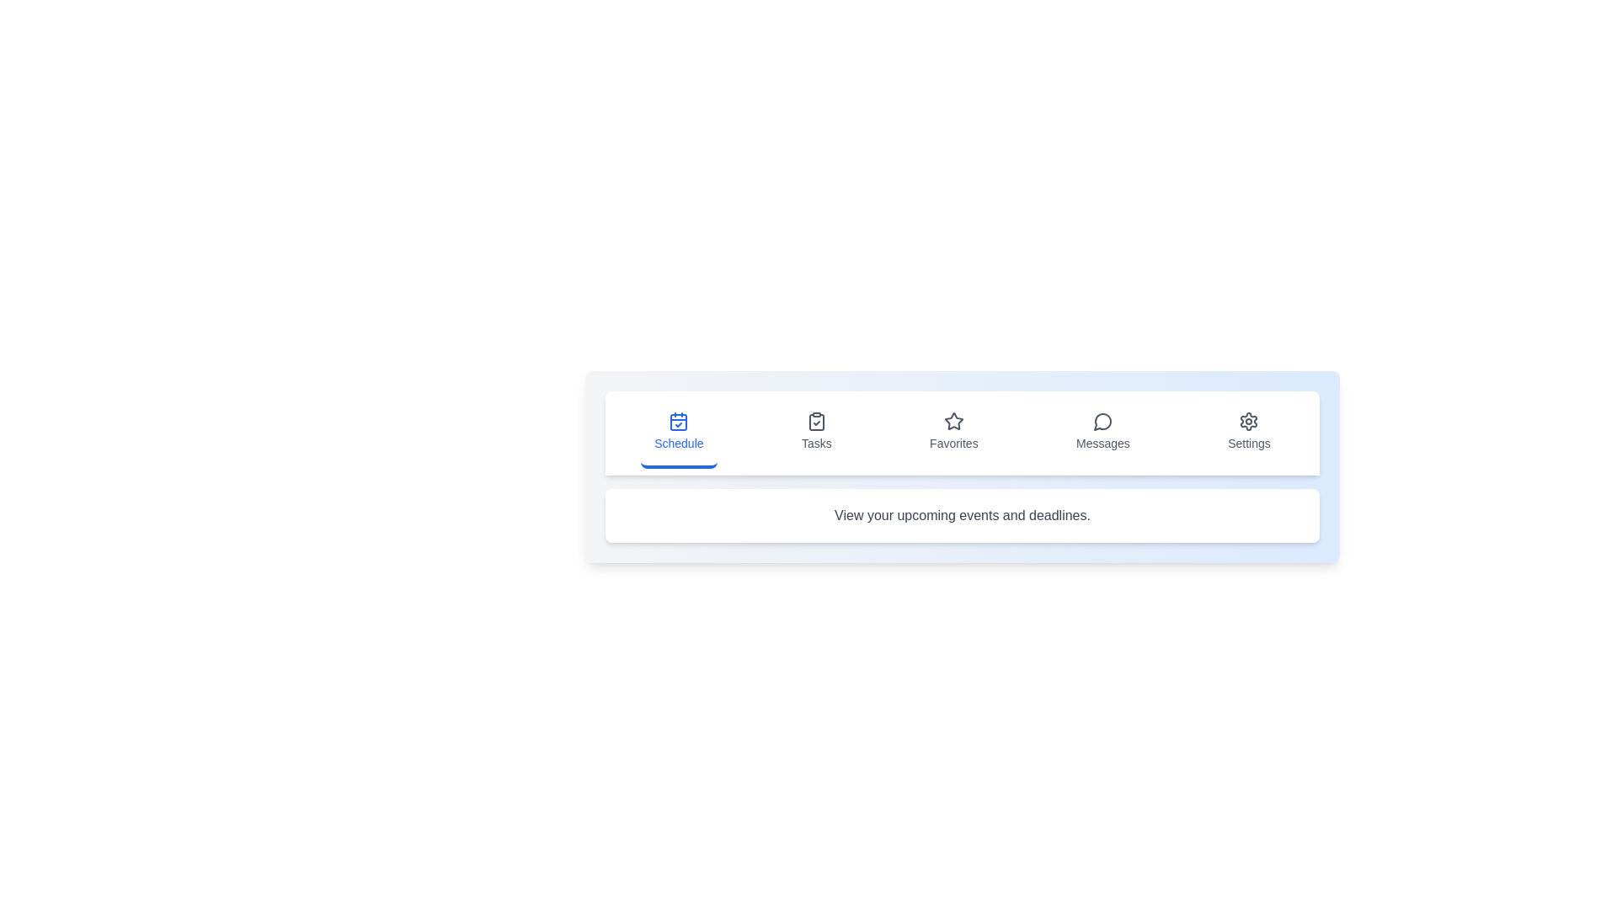  Describe the element at coordinates (679, 433) in the screenshot. I see `the tab labeled Schedule` at that location.